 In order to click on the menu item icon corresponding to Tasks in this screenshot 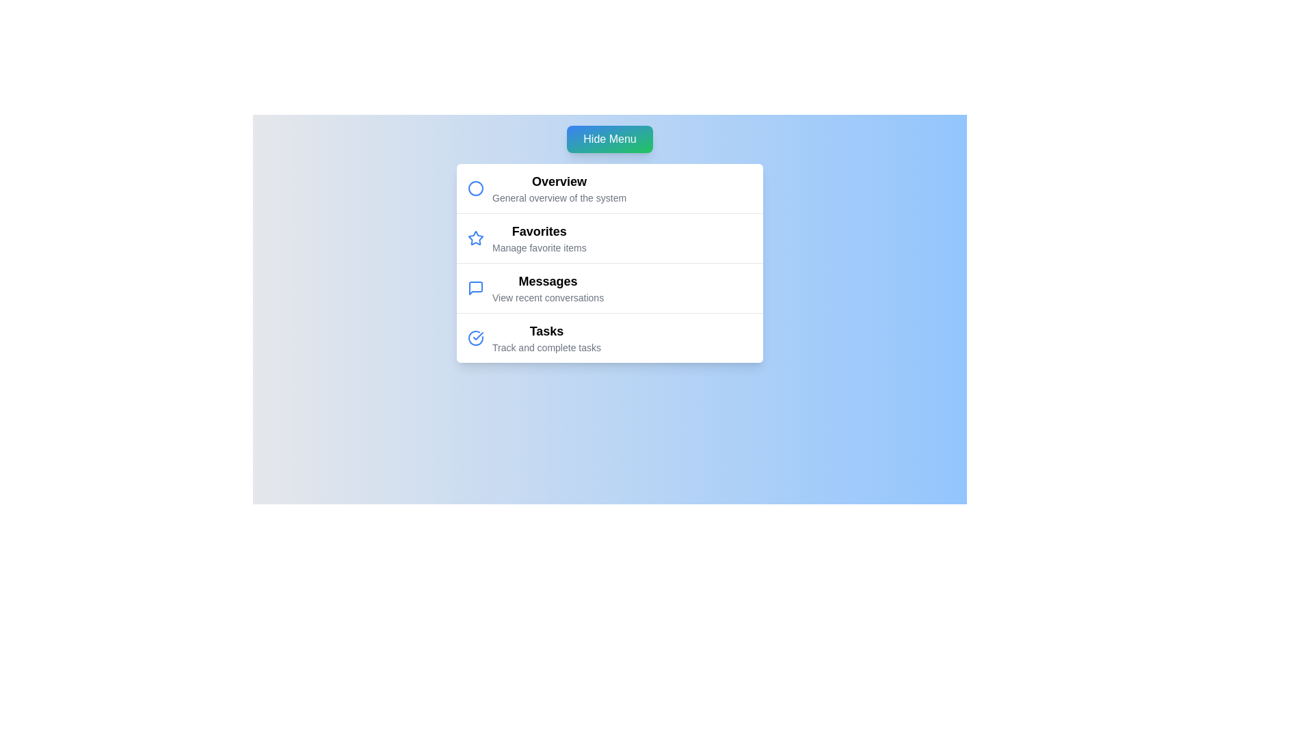, I will do `click(476, 338)`.